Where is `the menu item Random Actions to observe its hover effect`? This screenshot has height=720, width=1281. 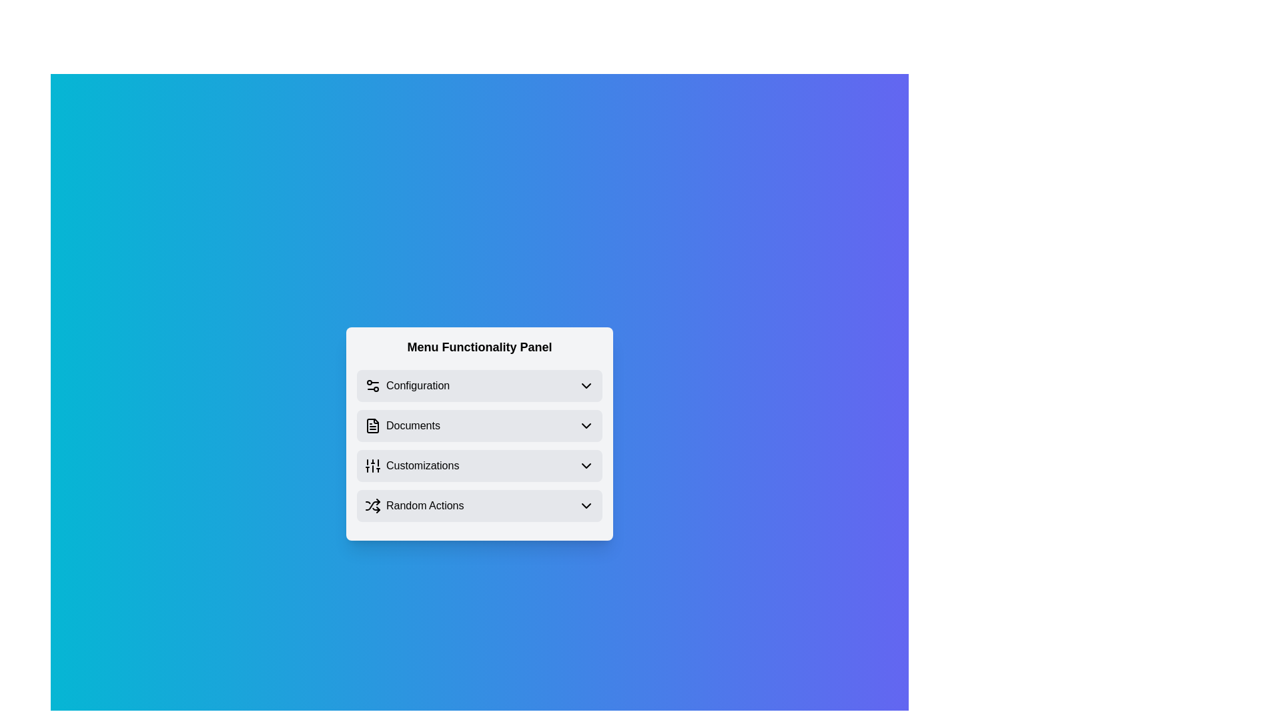 the menu item Random Actions to observe its hover effect is located at coordinates (480, 506).